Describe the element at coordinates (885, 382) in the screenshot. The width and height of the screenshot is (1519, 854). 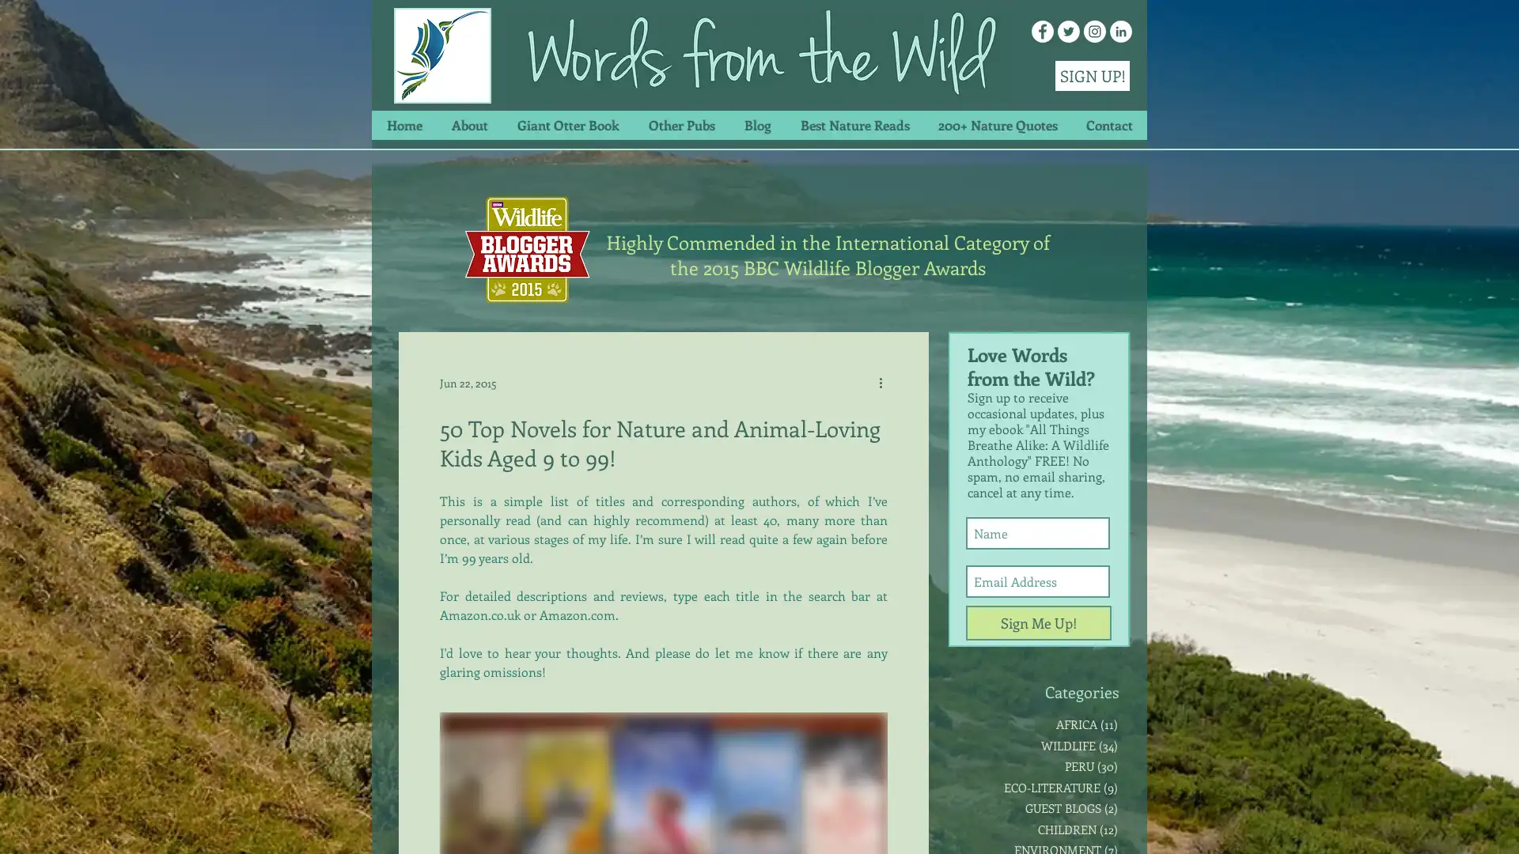
I see `More actions` at that location.